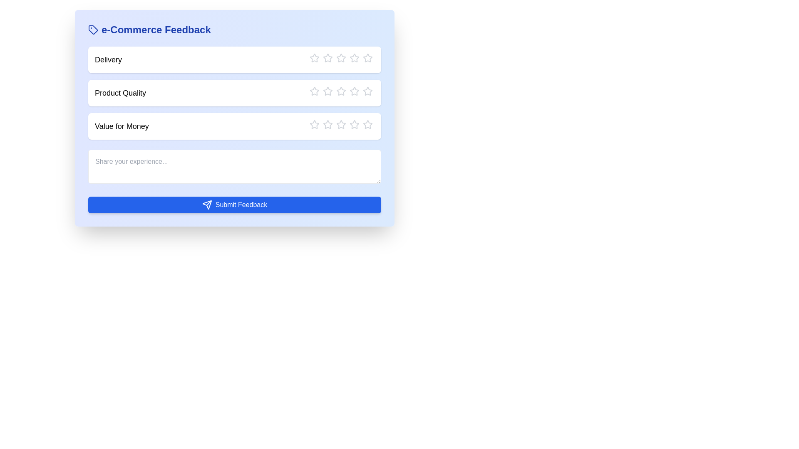  I want to click on the star corresponding to the rating 5 for the category Value for Money, so click(363, 125).